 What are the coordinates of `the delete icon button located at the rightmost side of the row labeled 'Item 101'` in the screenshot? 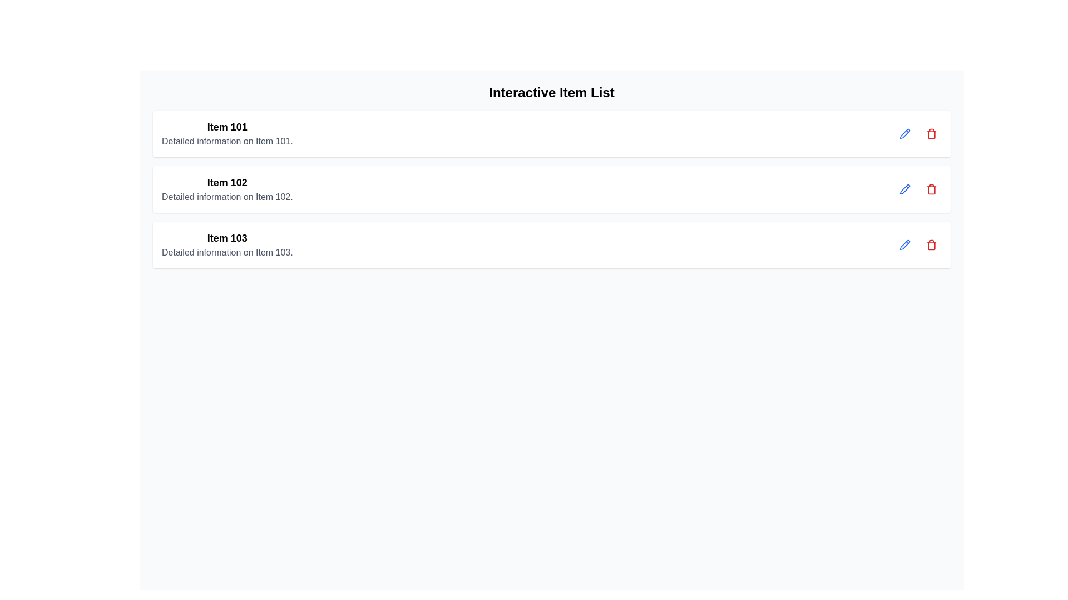 It's located at (932, 133).